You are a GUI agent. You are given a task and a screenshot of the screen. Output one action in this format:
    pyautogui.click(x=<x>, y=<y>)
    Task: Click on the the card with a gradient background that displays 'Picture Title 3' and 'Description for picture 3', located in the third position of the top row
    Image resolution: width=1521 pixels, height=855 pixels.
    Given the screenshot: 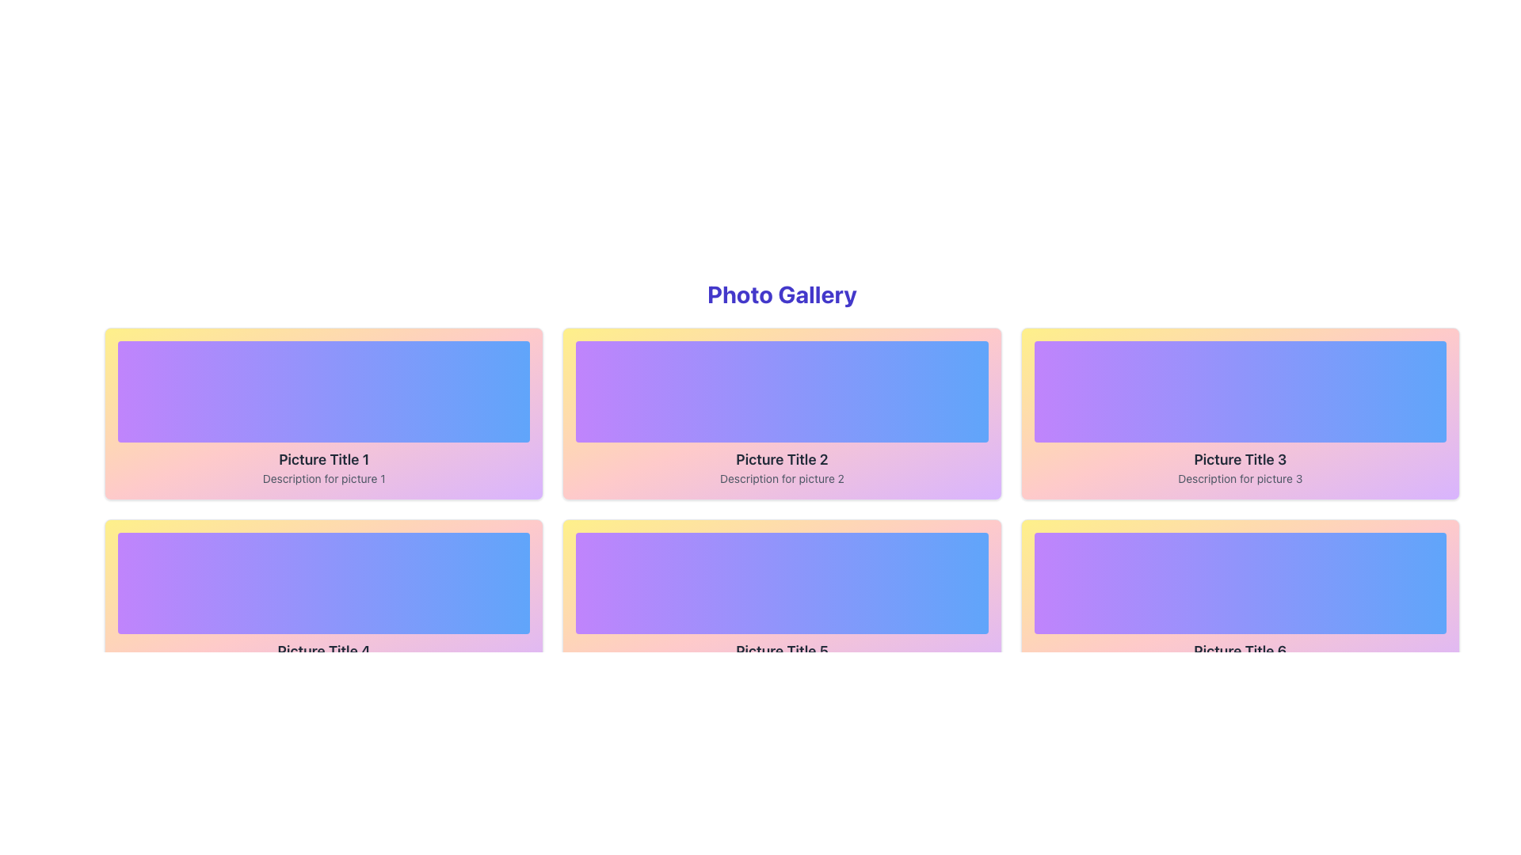 What is the action you would take?
    pyautogui.click(x=1239, y=413)
    